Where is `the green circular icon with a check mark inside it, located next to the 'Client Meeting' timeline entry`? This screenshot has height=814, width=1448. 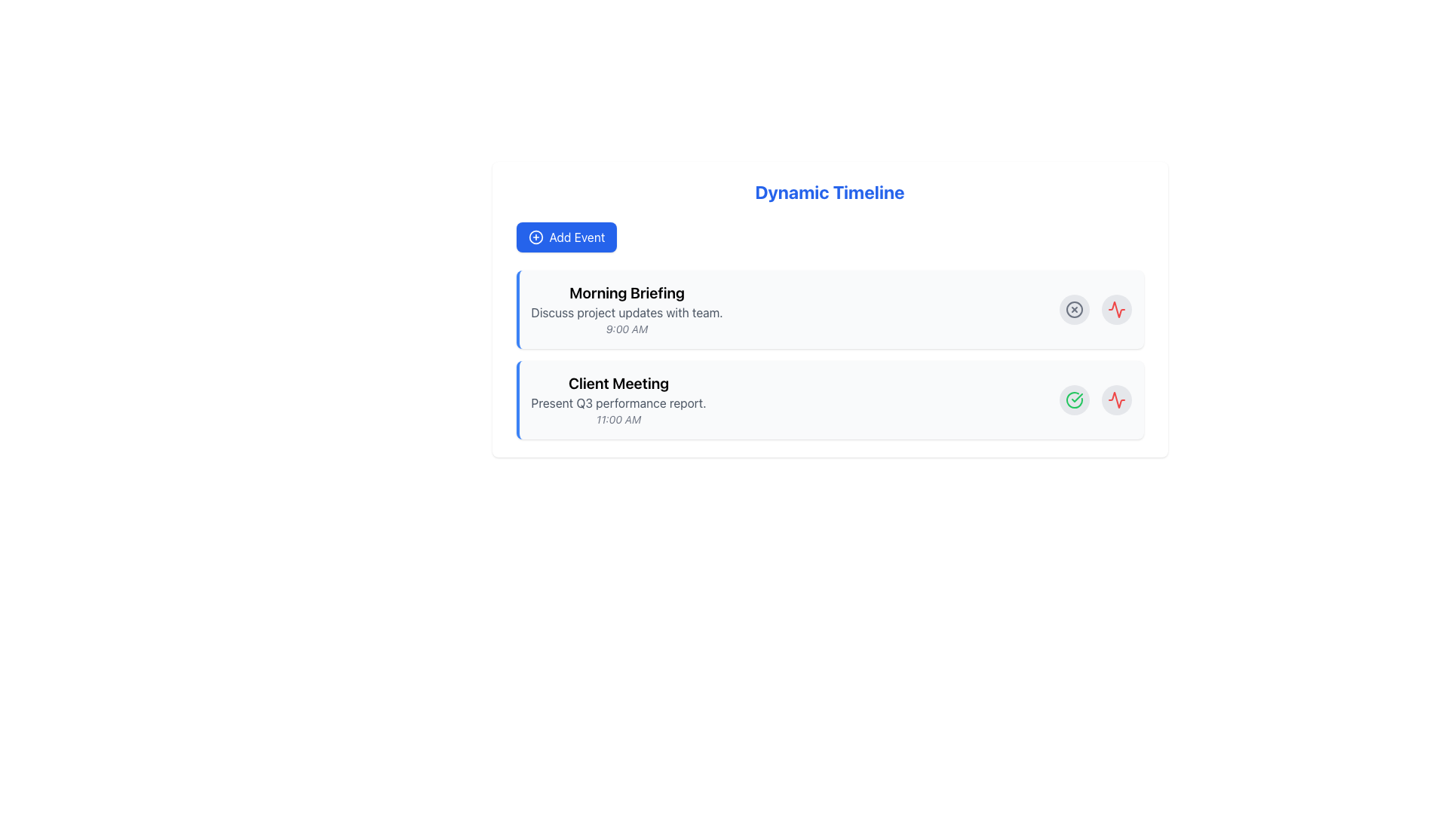 the green circular icon with a check mark inside it, located next to the 'Client Meeting' timeline entry is located at coordinates (1073, 399).